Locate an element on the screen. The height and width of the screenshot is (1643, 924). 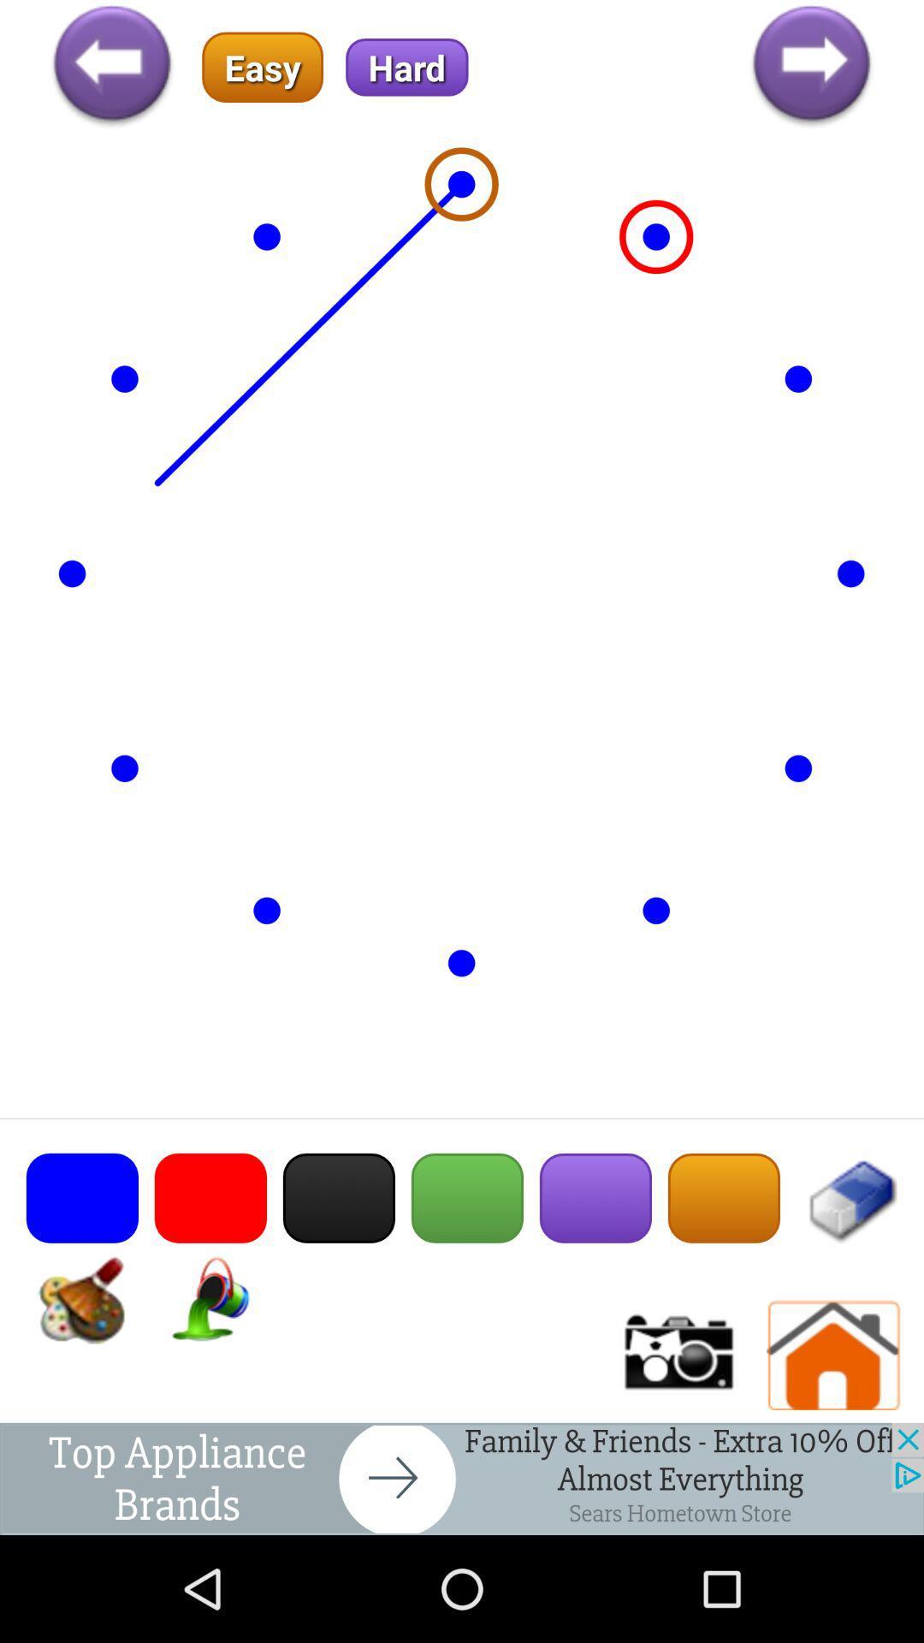
the photo icon is located at coordinates (676, 1450).